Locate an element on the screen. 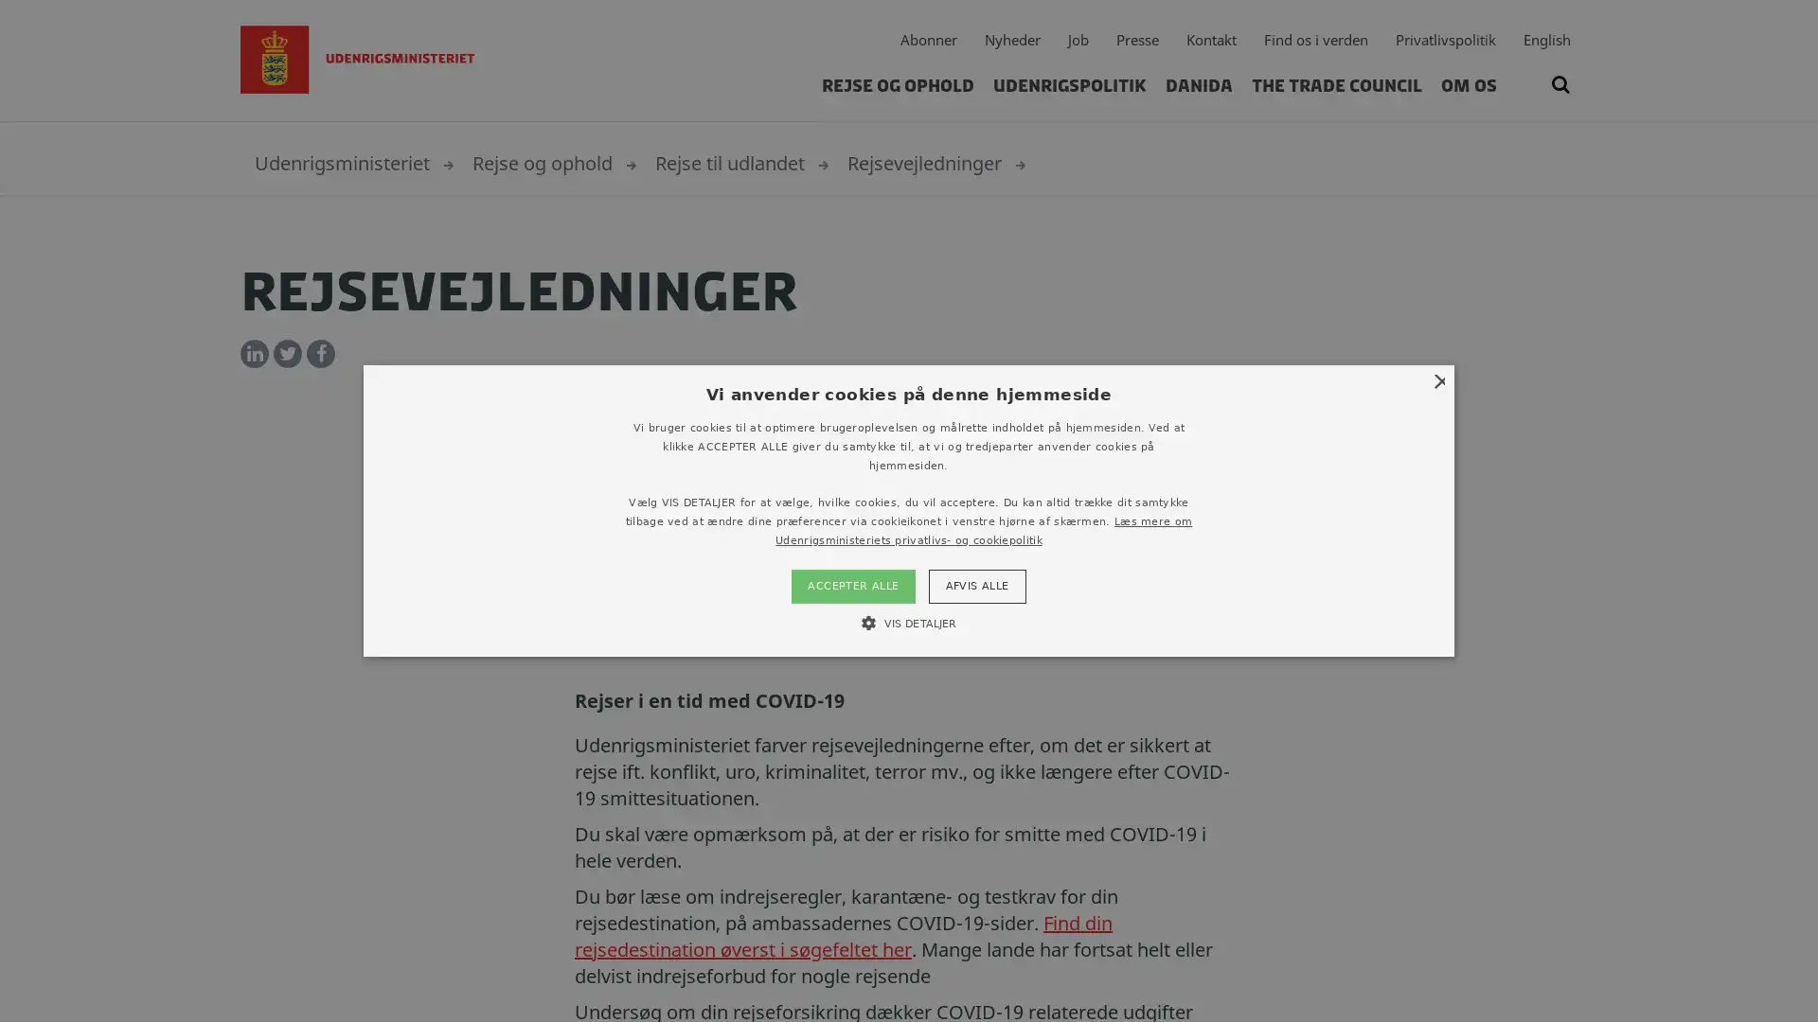  VIS DETALJER is located at coordinates (907, 622).